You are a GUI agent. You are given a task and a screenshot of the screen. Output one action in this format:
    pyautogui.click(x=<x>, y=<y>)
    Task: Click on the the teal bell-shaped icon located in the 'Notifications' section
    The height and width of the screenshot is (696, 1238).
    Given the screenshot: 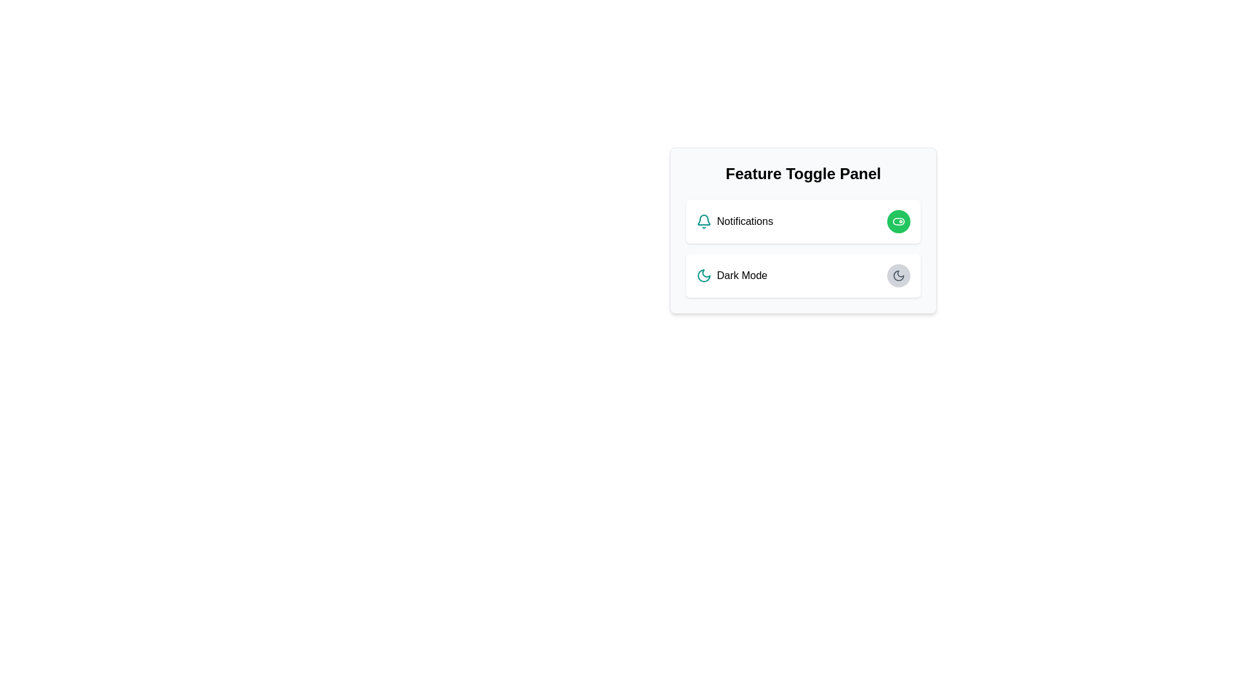 What is the action you would take?
    pyautogui.click(x=703, y=220)
    